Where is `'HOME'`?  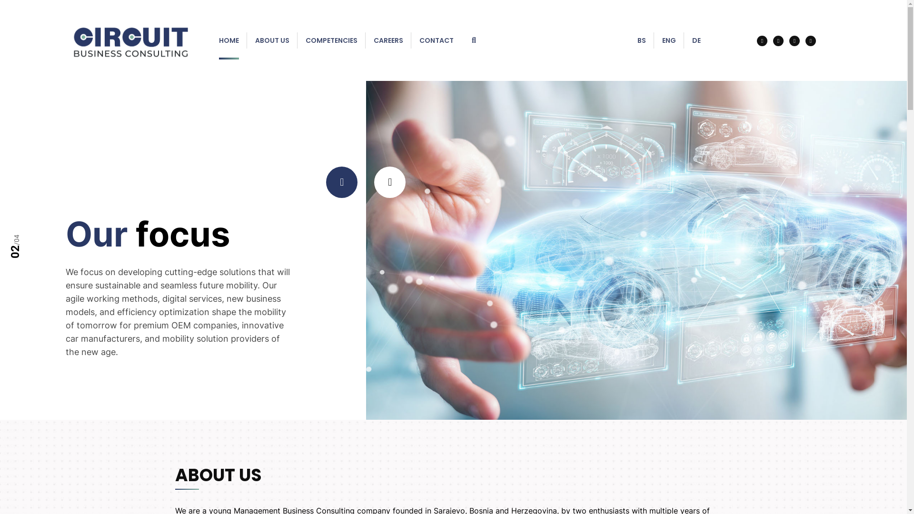 'HOME' is located at coordinates (228, 40).